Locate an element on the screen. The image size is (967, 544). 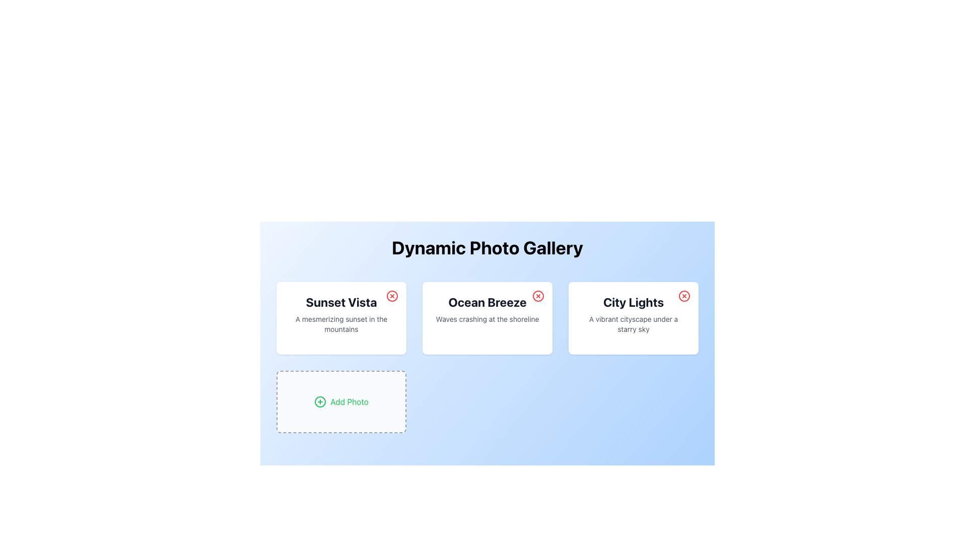
title 'City Lights' from the text label located at the top of the third card in the photo gallery section to identify the card content is located at coordinates (633, 302).